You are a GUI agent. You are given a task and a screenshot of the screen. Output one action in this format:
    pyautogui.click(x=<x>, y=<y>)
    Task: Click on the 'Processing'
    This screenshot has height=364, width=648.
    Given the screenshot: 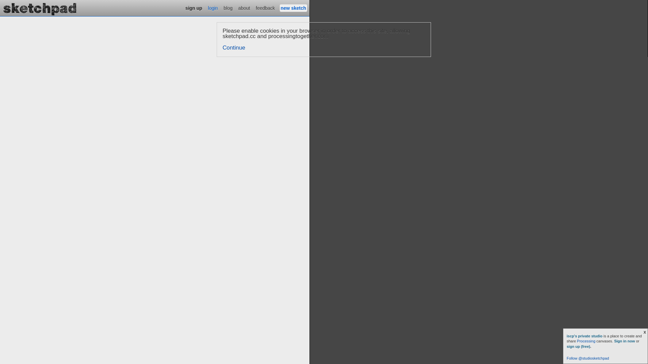 What is the action you would take?
    pyautogui.click(x=576, y=341)
    